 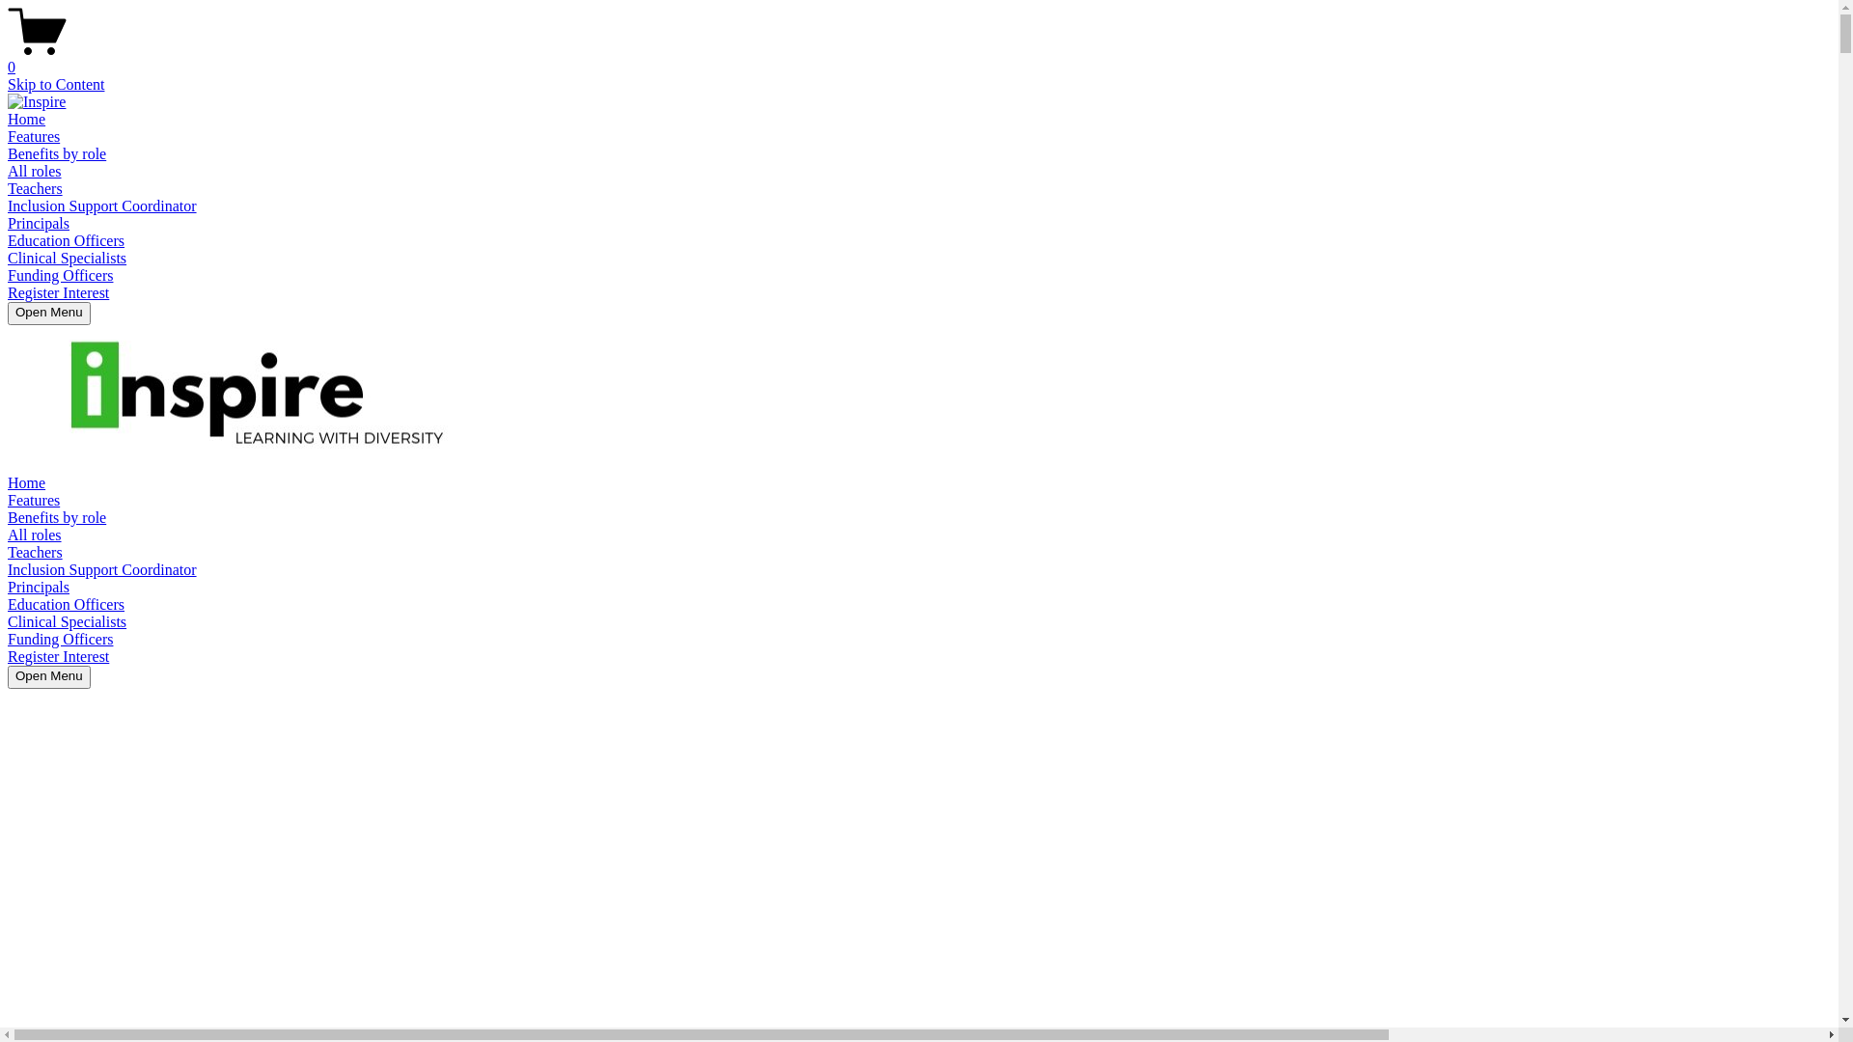 What do you see at coordinates (8, 170) in the screenshot?
I see `'All roles'` at bounding box center [8, 170].